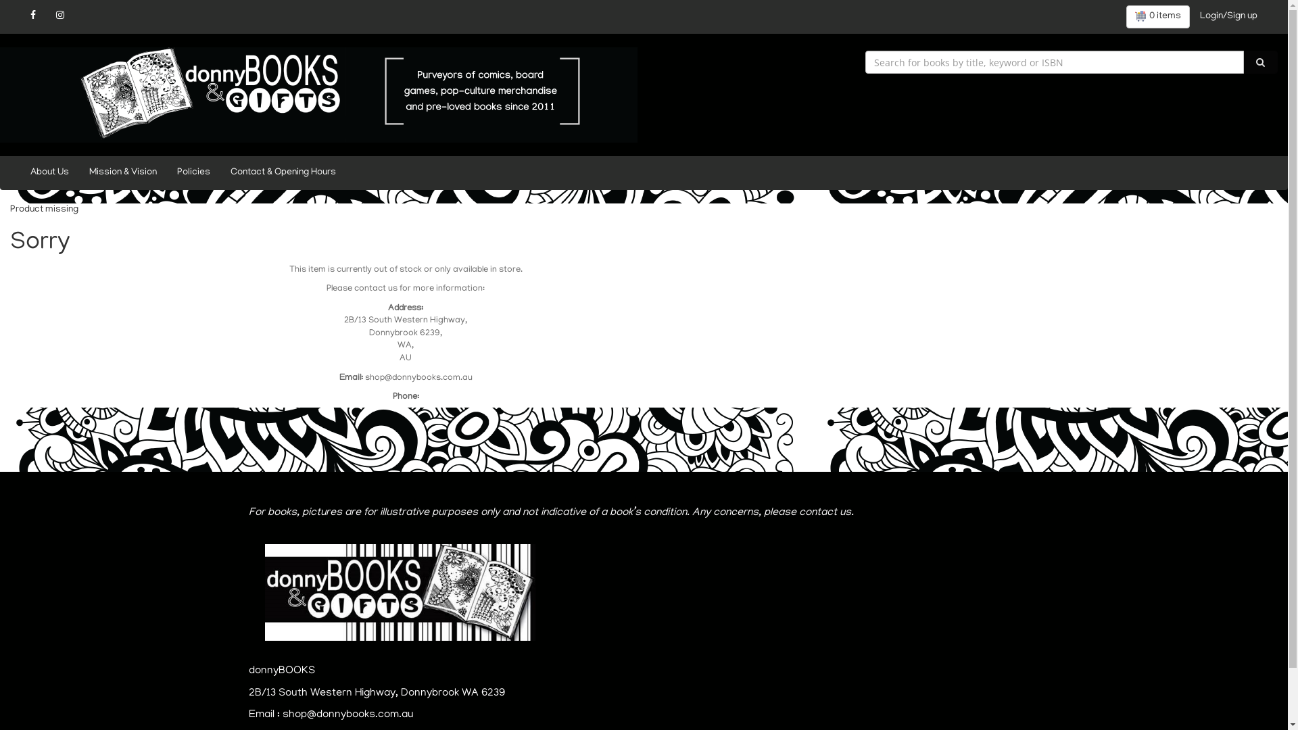 This screenshot has height=730, width=1298. I want to click on 'Policies', so click(193, 172).